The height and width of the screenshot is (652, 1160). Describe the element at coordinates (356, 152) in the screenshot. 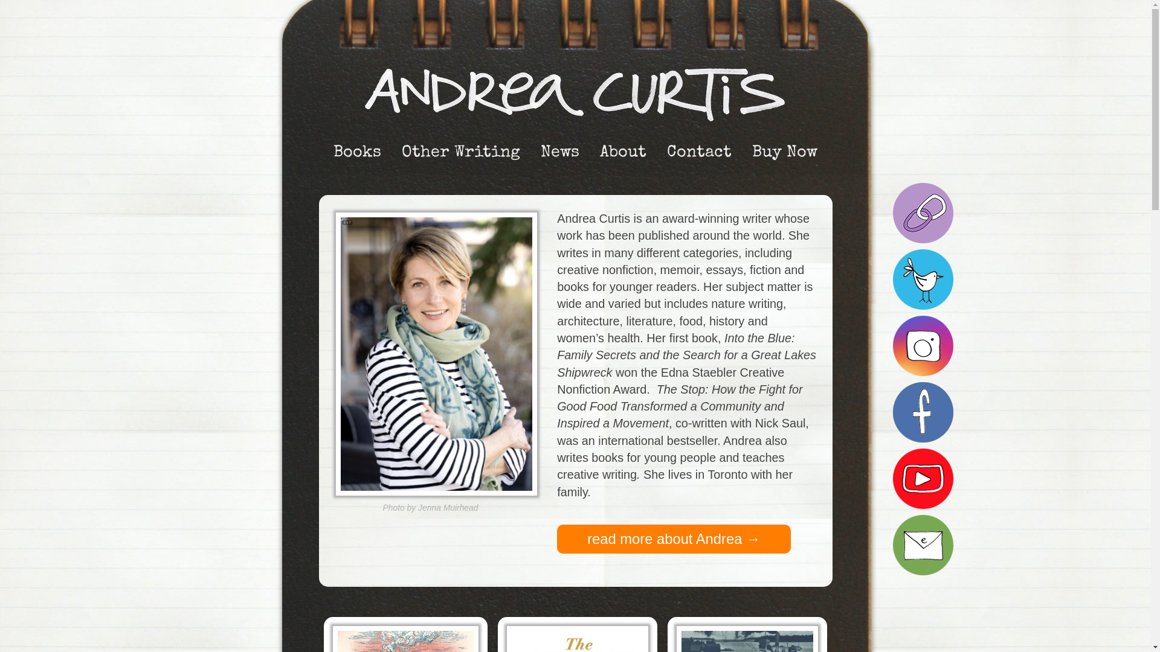

I see `'Books'` at that location.